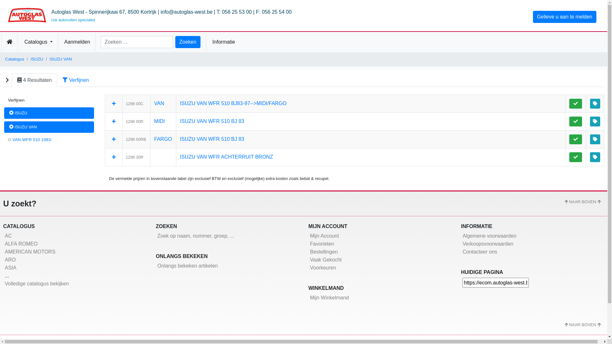 This screenshot has width=612, height=344. I want to click on 'Volledige catalogus bekijken', so click(36, 283).